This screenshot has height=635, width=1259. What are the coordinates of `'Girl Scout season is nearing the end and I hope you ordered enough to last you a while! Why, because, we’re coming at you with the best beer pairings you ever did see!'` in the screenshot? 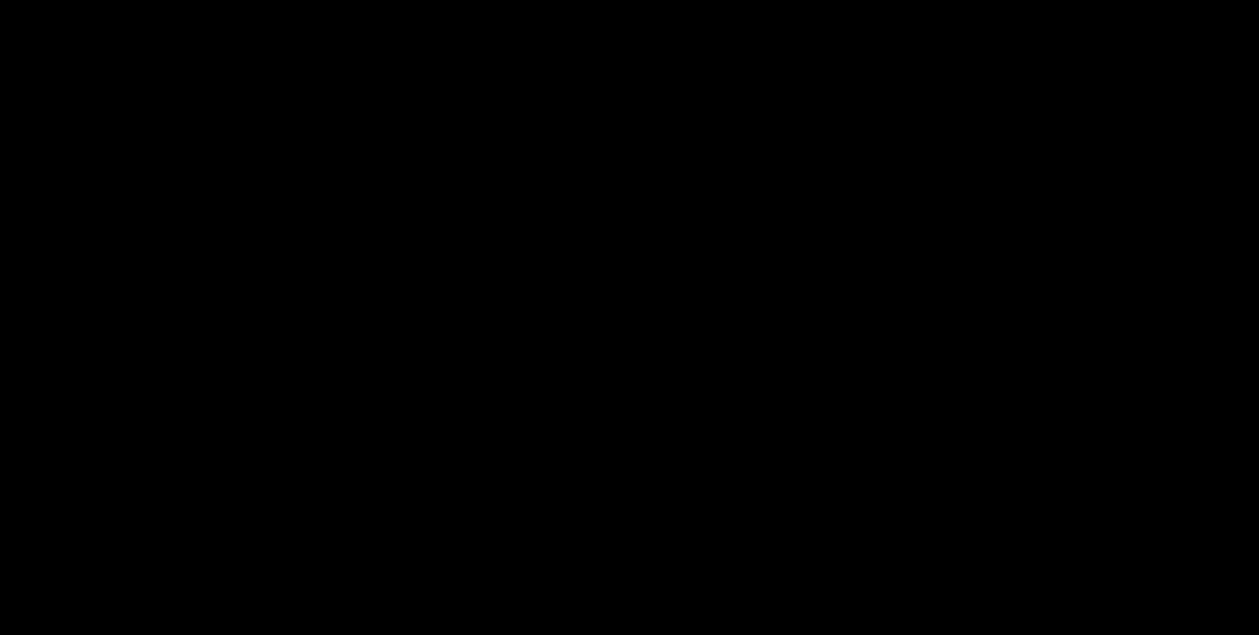 It's located at (607, 467).